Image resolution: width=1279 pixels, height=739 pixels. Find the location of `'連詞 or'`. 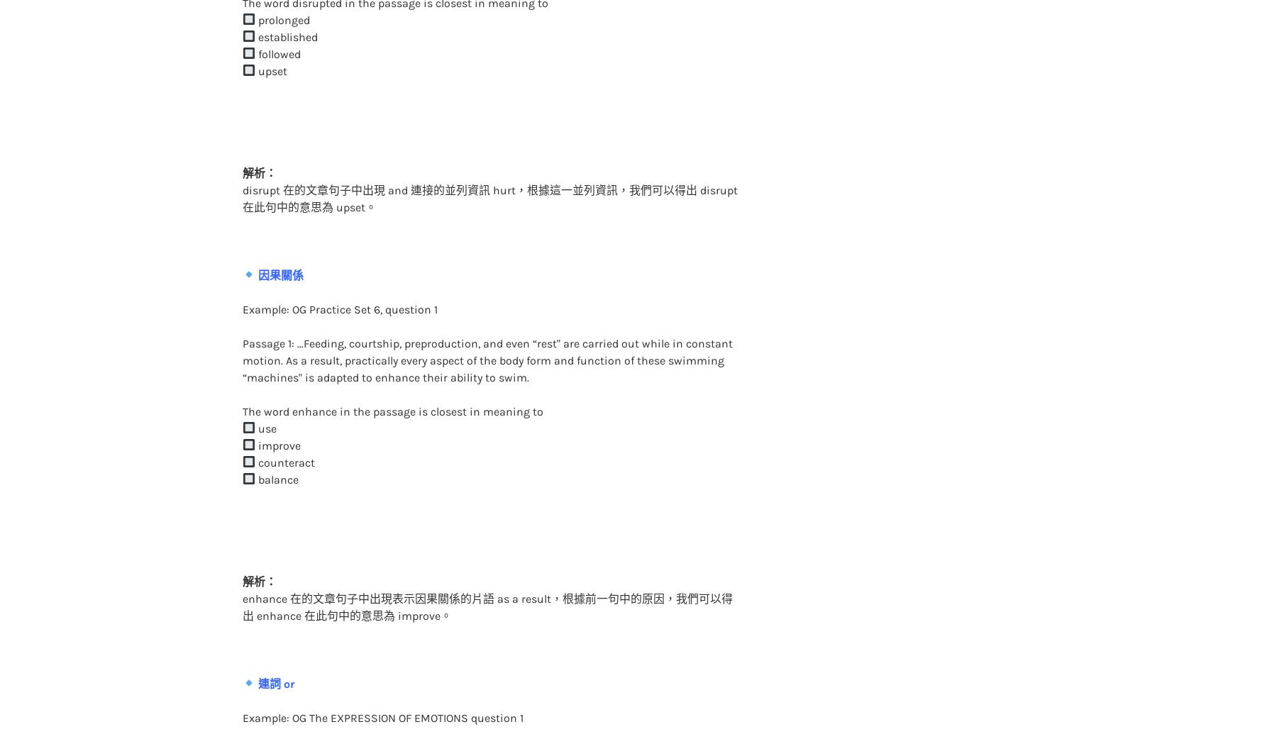

'連詞 or' is located at coordinates (273, 654).